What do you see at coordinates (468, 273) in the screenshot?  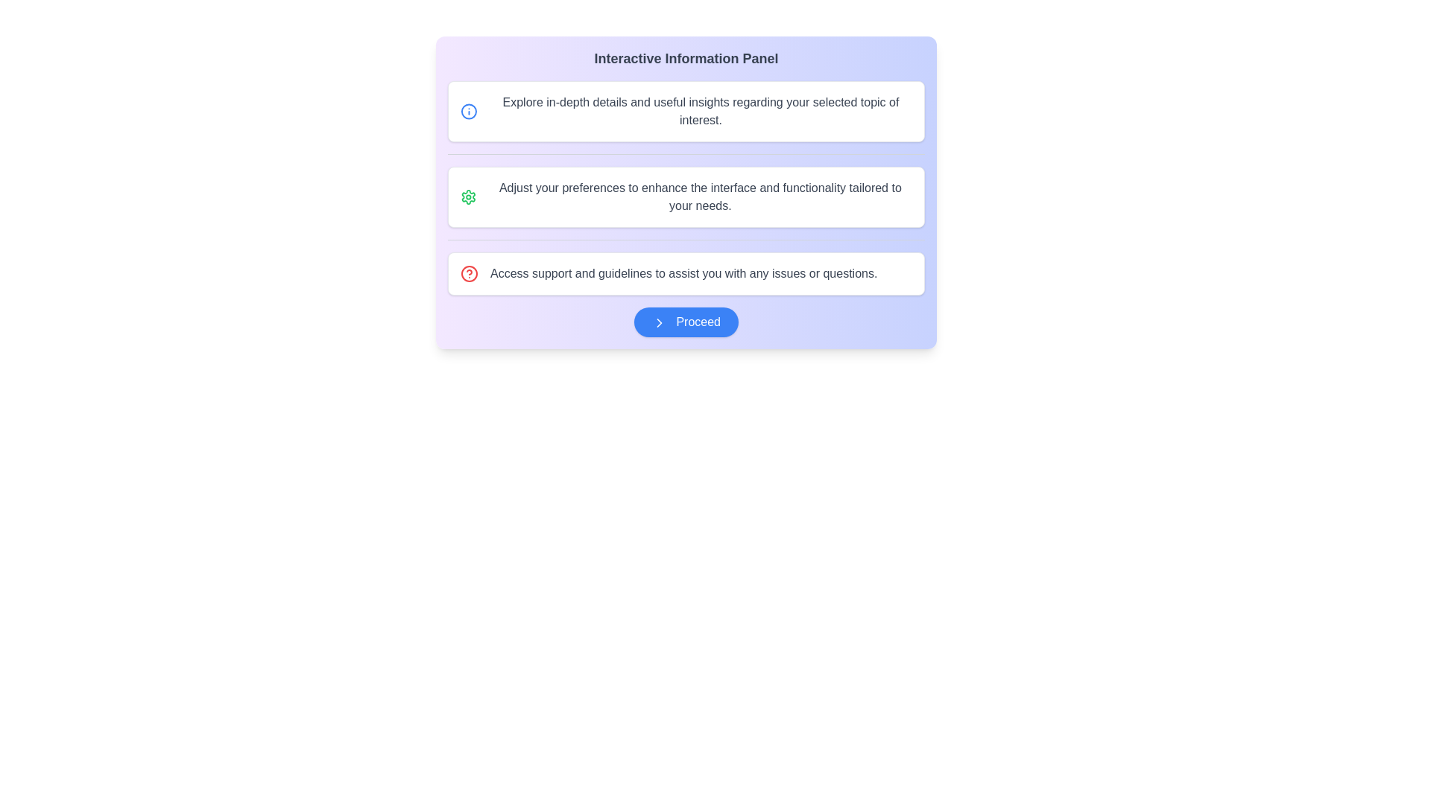 I see `the innermost circular SVG graphic that is positioned to the left of the third option in the interface panel` at bounding box center [468, 273].